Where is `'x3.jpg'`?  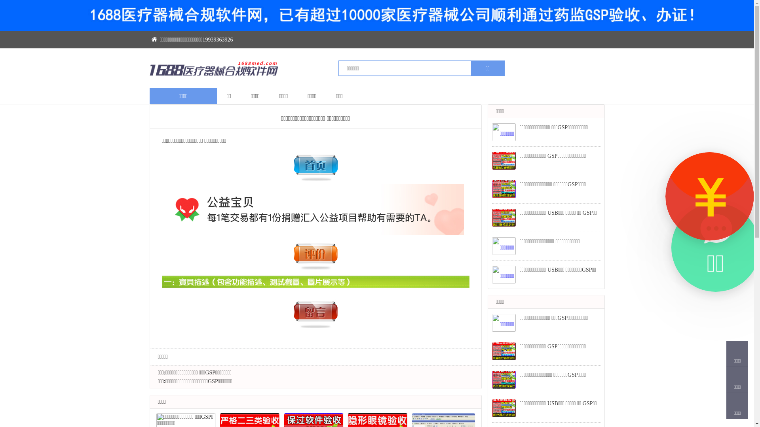
'x3.jpg' is located at coordinates (315, 312).